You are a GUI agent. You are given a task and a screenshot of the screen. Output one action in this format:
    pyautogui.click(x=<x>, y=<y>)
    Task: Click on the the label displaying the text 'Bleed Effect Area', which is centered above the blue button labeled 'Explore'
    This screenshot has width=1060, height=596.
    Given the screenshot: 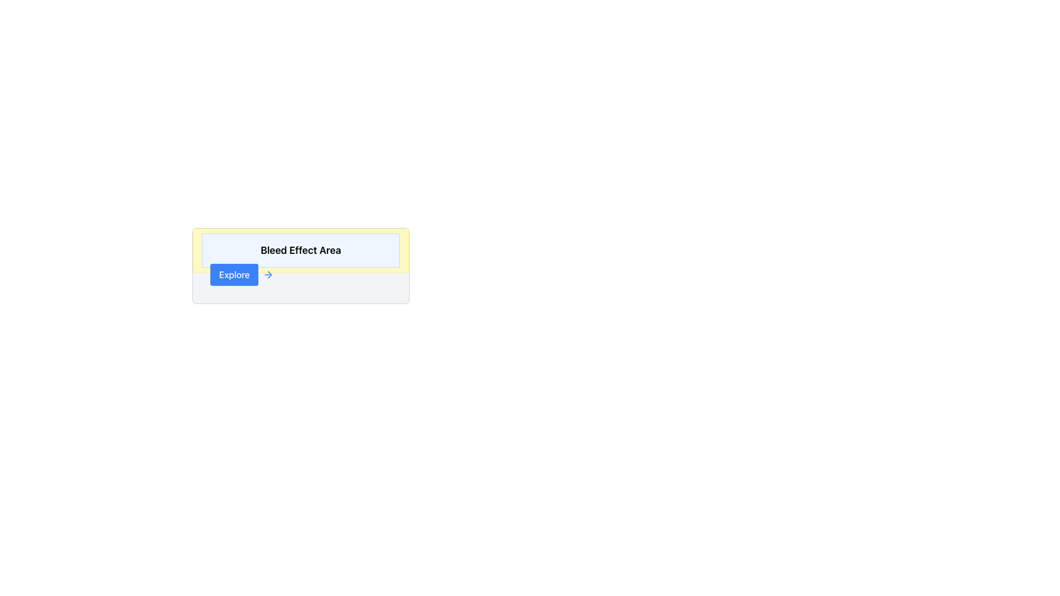 What is the action you would take?
    pyautogui.click(x=301, y=251)
    